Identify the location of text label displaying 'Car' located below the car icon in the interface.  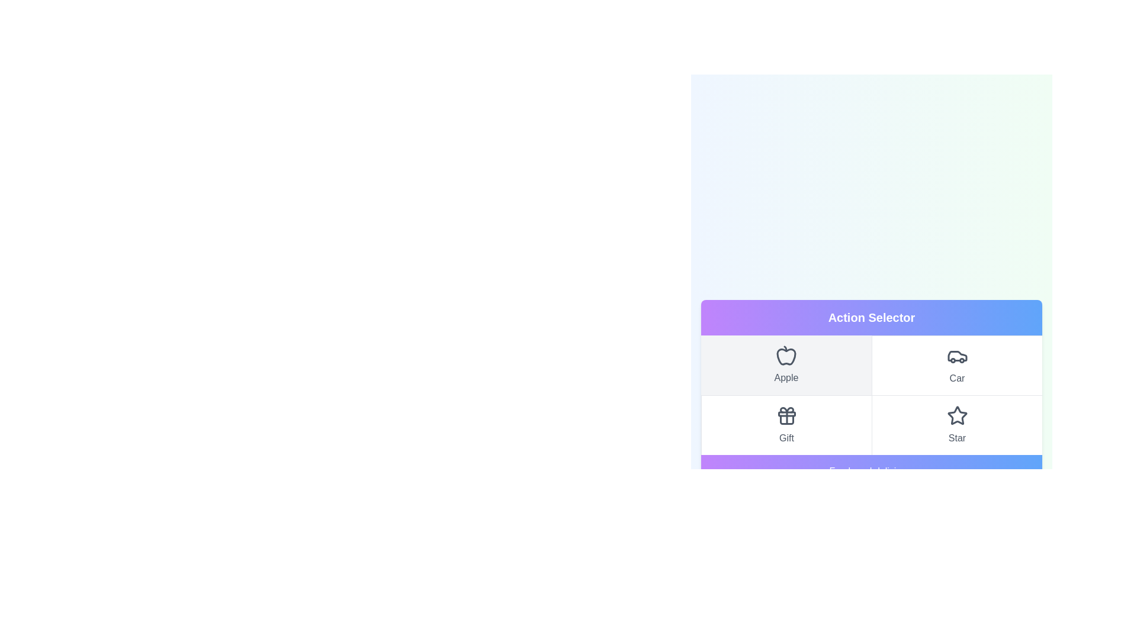
(957, 379).